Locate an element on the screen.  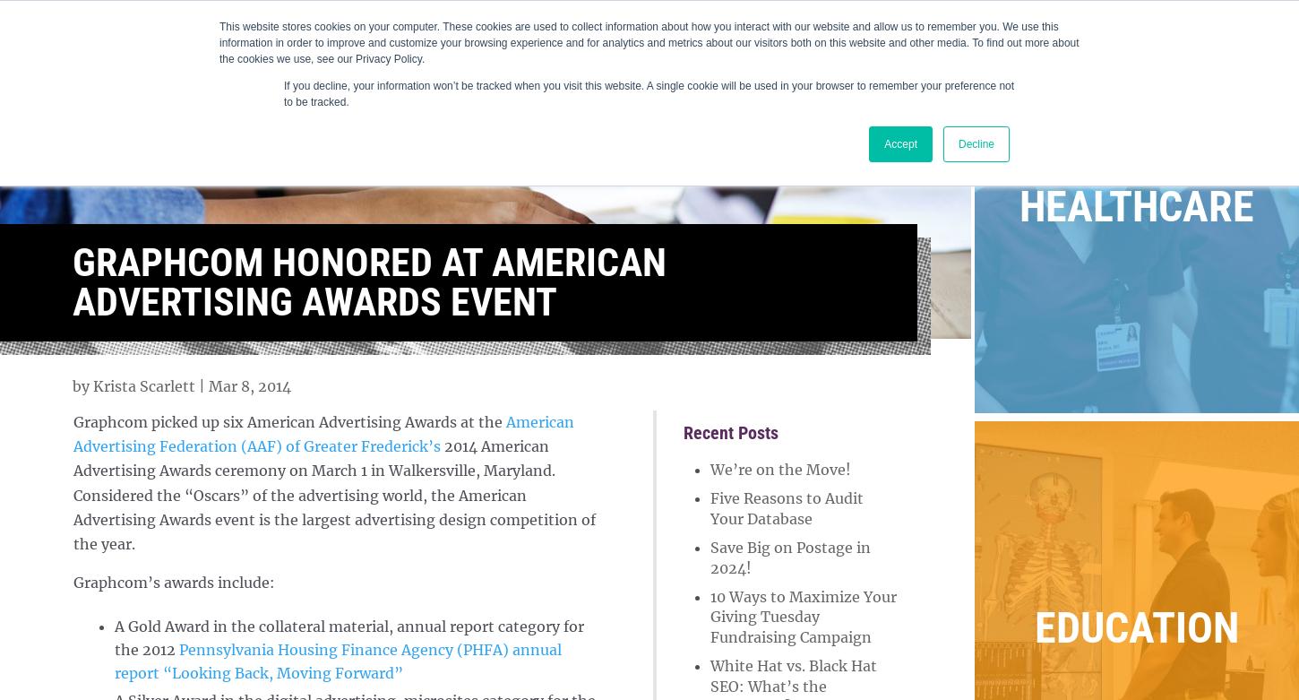
'This website stores cookies on your computer. These cookies are used to collect information about how you interact with our website and allow us to remember you. We use this information in order to improve and customize your browsing experience and for analytics and metrics about our visitors both on this website and other media. To find out more about the cookies we use, see our Privacy Policy.' is located at coordinates (219, 43).